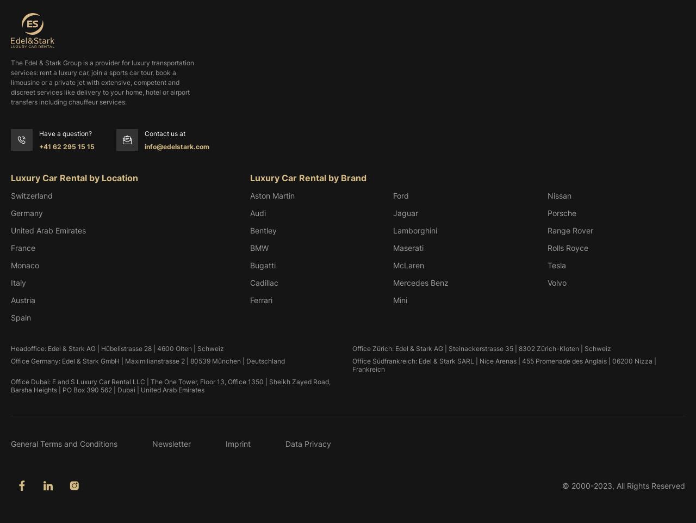 Image resolution: width=696 pixels, height=523 pixels. What do you see at coordinates (392, 264) in the screenshot?
I see `'McLaren'` at bounding box center [392, 264].